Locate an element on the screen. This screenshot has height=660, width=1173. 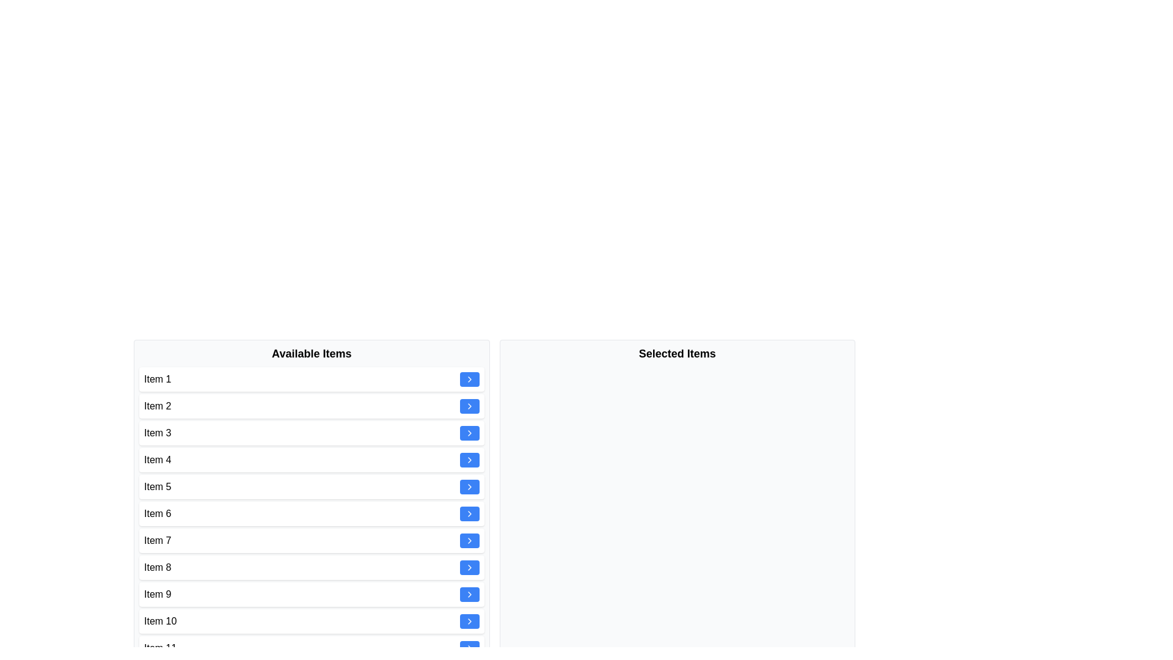
the blue button containing the right-facing chevron icon next to the text label 'Item 5' is located at coordinates (469, 433).